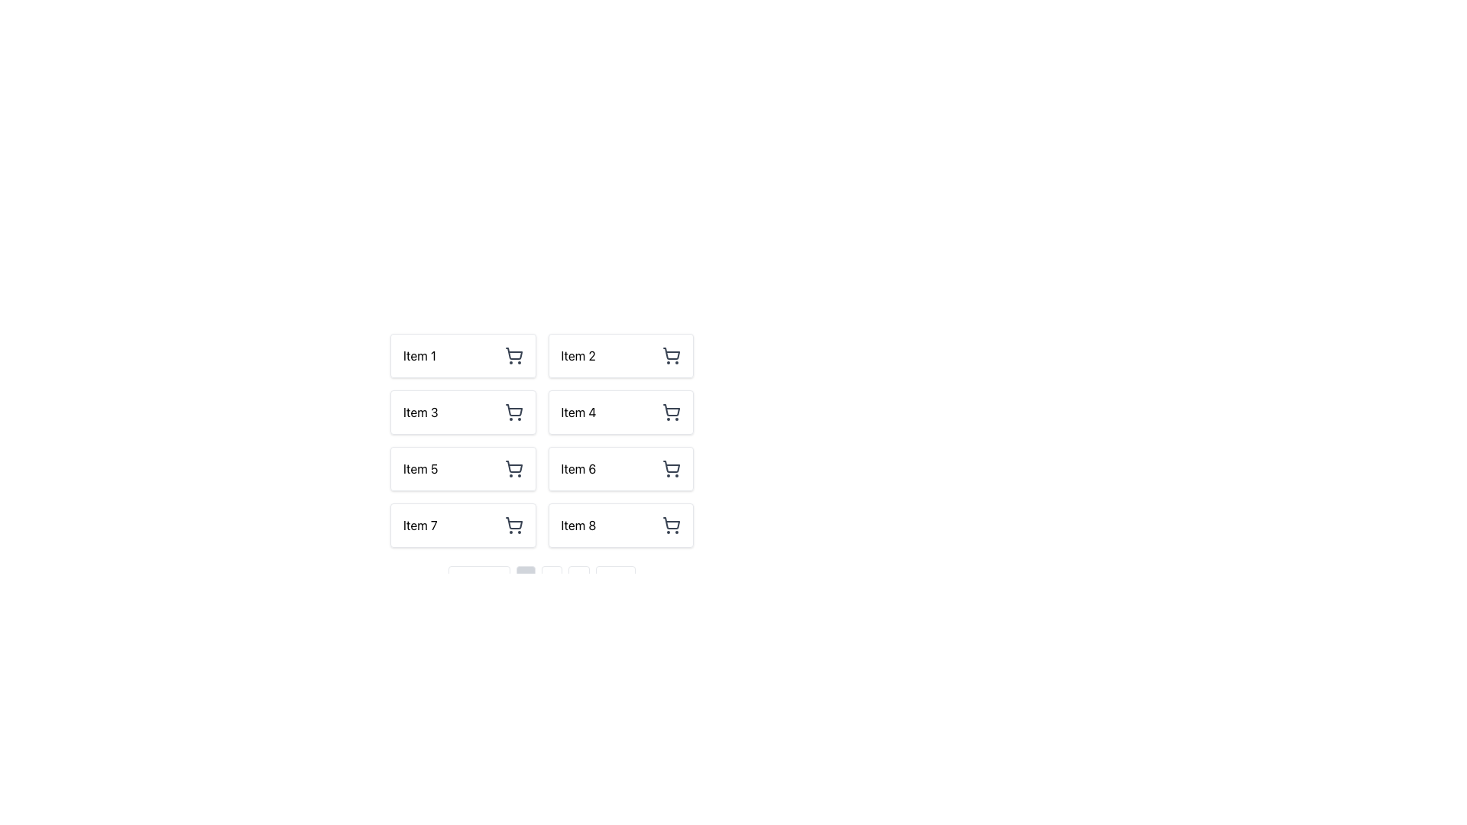  Describe the element at coordinates (513, 524) in the screenshot. I see `the shopping cart icon located within the cell for 'Item 7'` at that location.